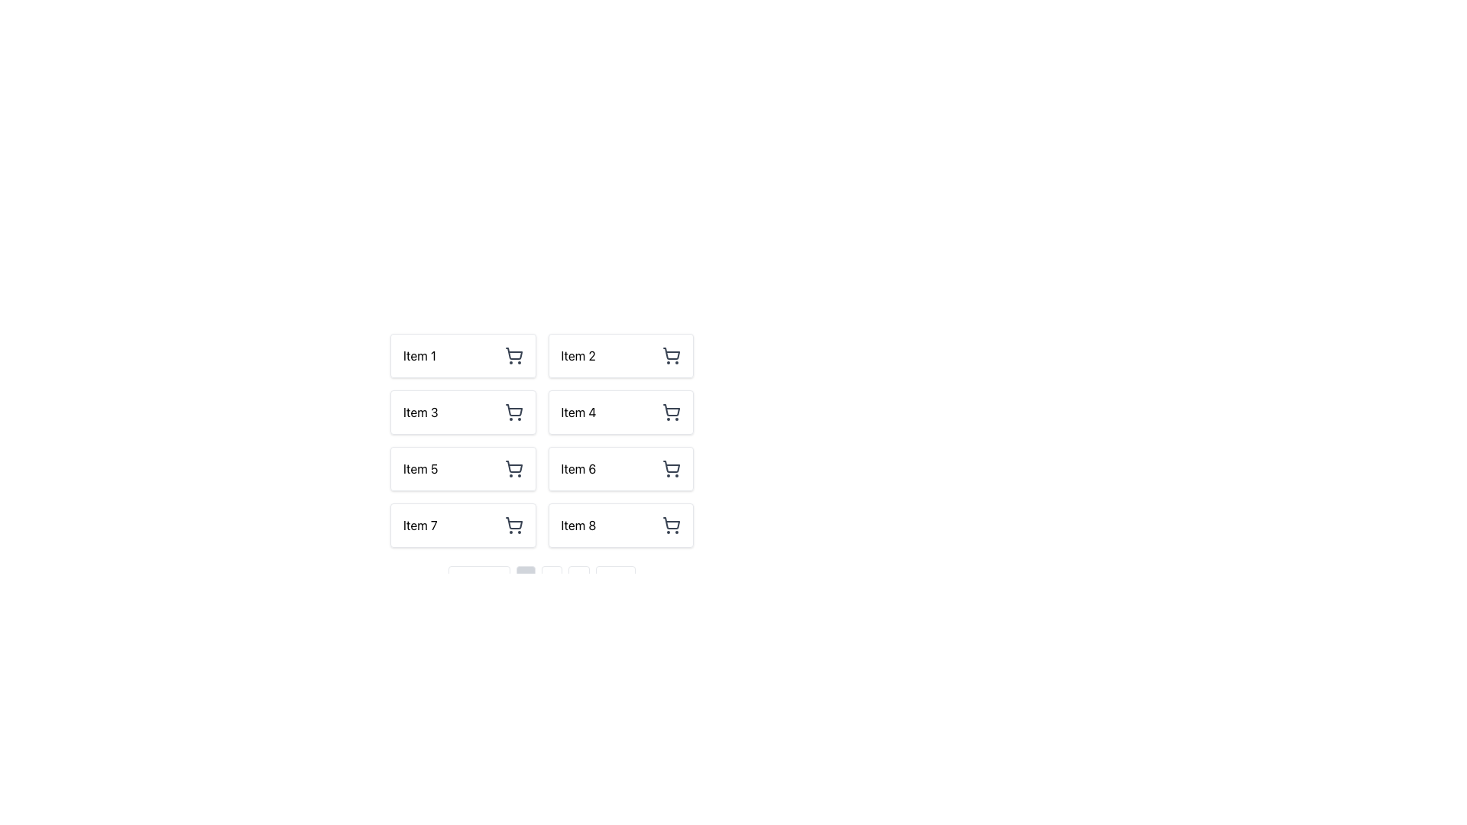  Describe the element at coordinates (513, 524) in the screenshot. I see `the shopping cart icon located within the cell for 'Item 7'` at that location.